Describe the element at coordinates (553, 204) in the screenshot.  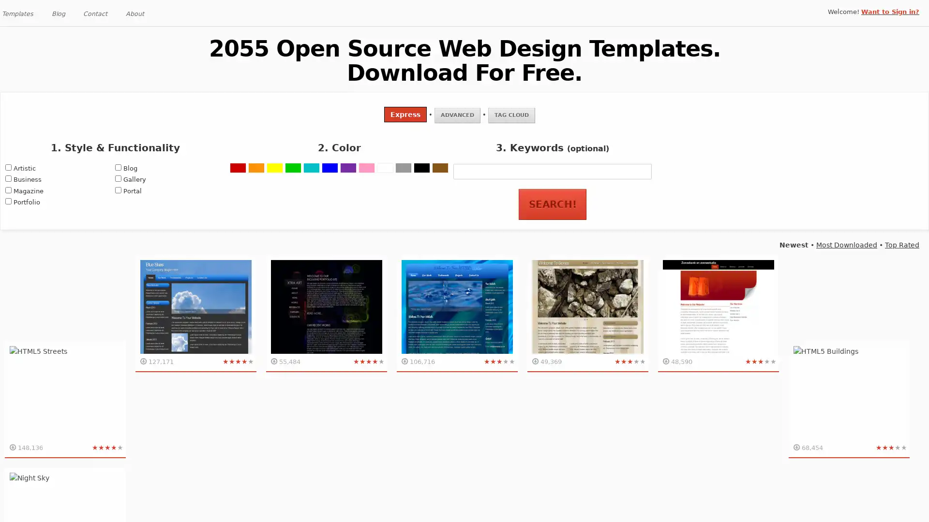
I see `Search!` at that location.